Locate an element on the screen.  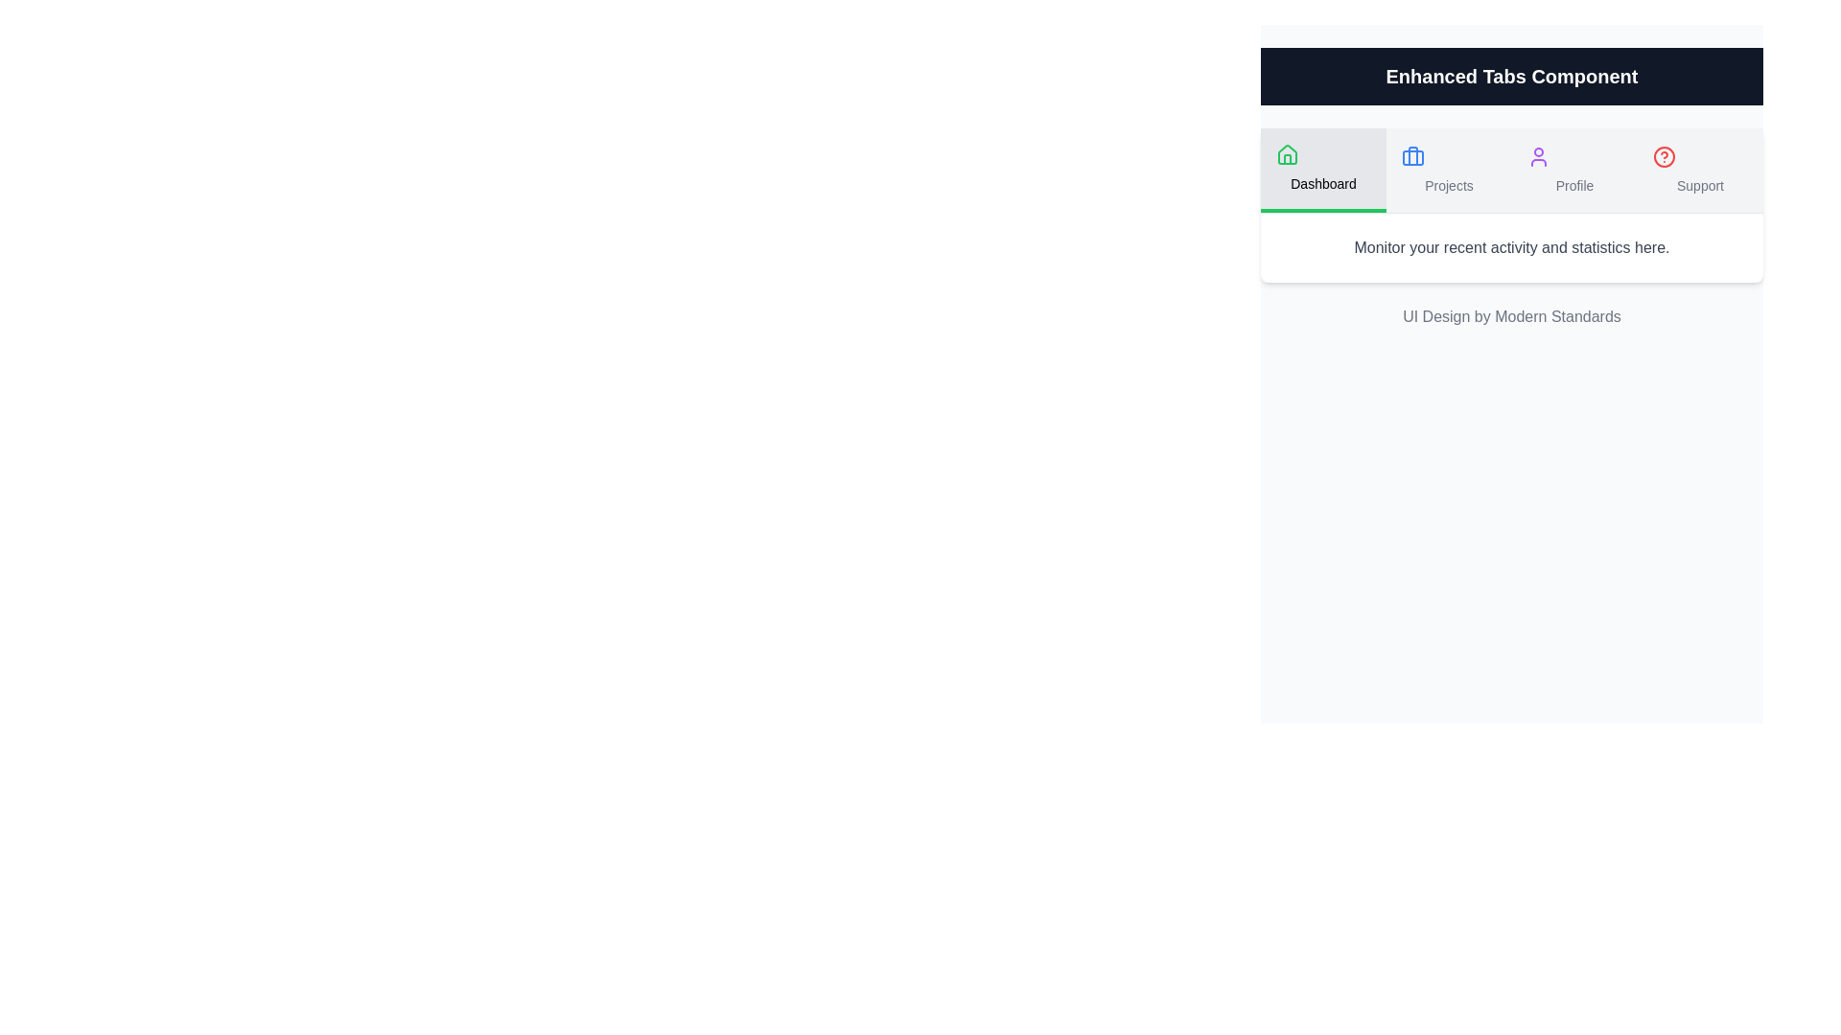
the Interactive navigation tab that allows access to the Profile section, located to the right of the 'Projects' tab is located at coordinates (1574, 169).